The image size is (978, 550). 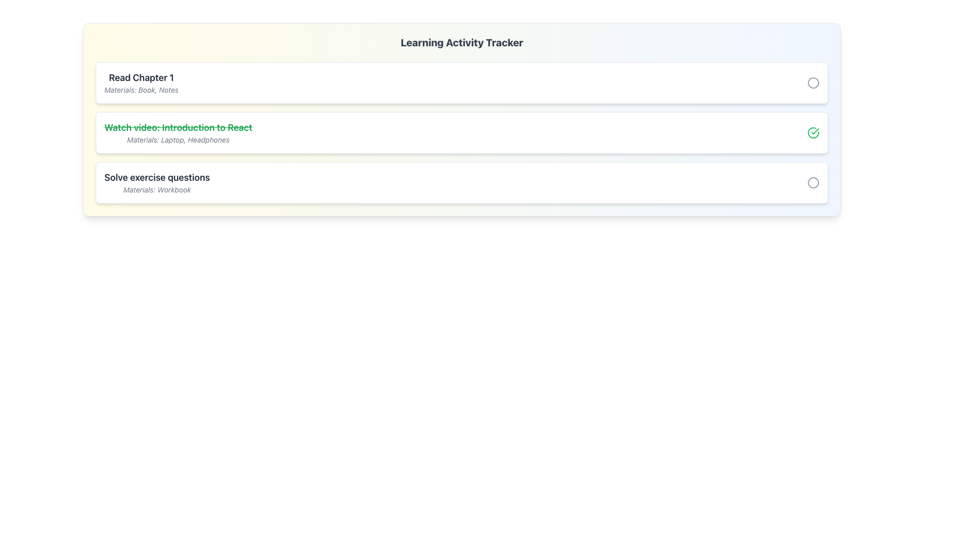 What do you see at coordinates (178, 132) in the screenshot?
I see `the interactive portions of the Text Block displaying 'Watch video: Introduction to React' which is styled with green color and bold text` at bounding box center [178, 132].